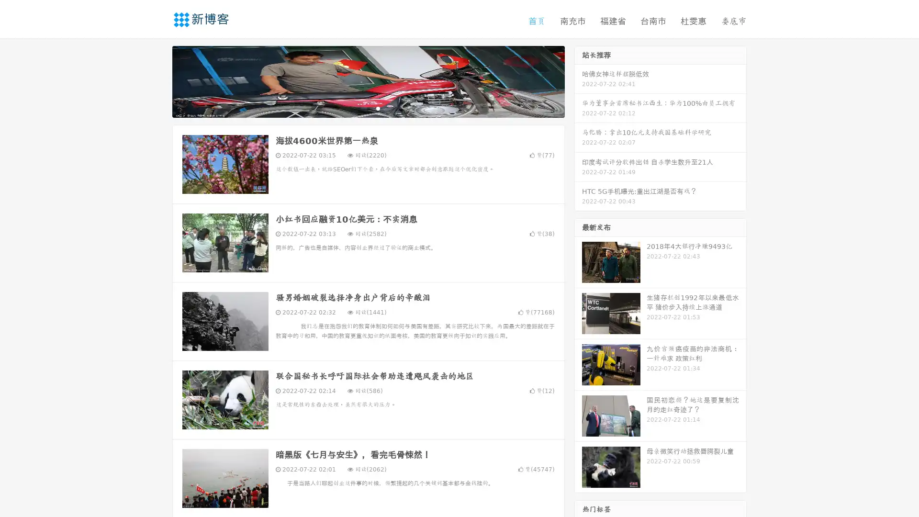 This screenshot has height=517, width=919. What do you see at coordinates (358, 108) in the screenshot?
I see `Go to slide 1` at bounding box center [358, 108].